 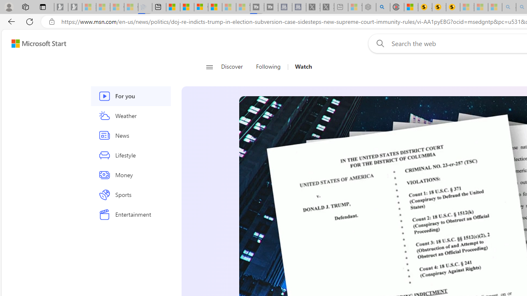 What do you see at coordinates (368, 7) in the screenshot?
I see `'Nordace - Summer Adventures 2024 - Sleeping'` at bounding box center [368, 7].